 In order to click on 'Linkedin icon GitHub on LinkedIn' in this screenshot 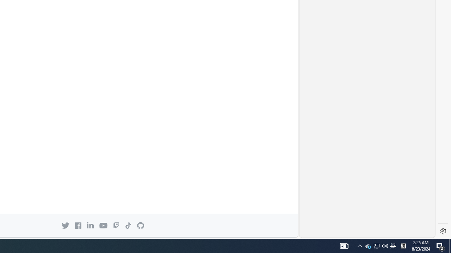, I will do `click(90, 225)`.